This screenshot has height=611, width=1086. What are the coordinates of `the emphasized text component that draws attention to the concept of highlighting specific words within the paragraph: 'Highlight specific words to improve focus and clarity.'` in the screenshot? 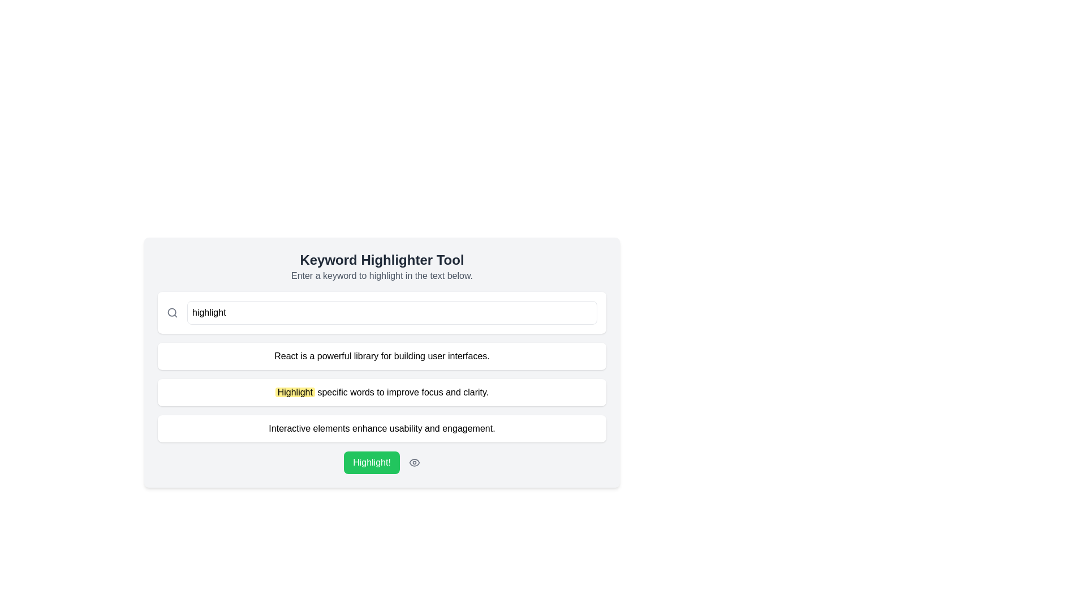 It's located at (295, 391).